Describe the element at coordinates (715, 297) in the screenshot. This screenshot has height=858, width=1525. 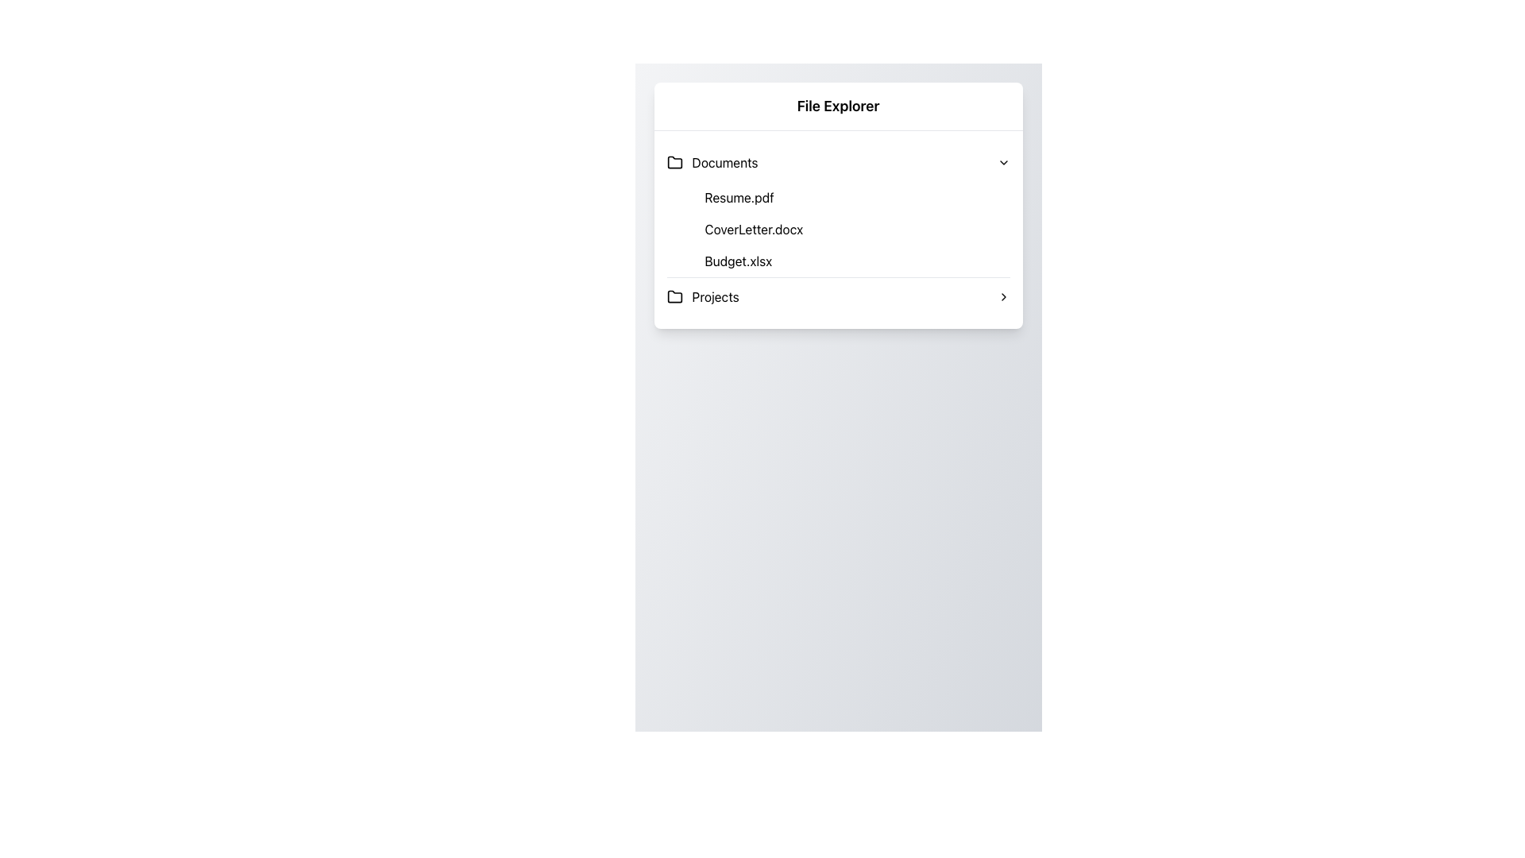
I see `the 'Projects' label in the file explorer, which is displayed as plain text in a sans-serif font and is the third visible row` at that location.